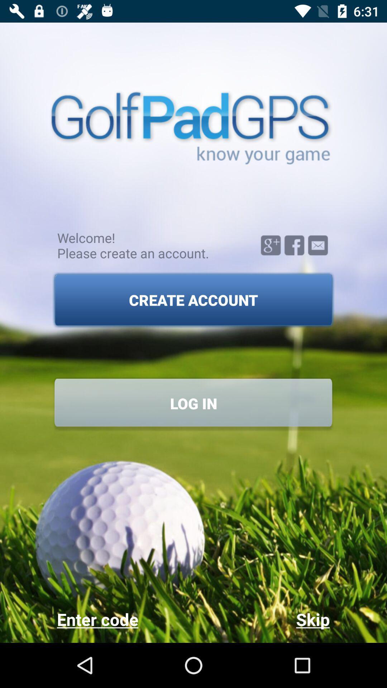 Image resolution: width=387 pixels, height=688 pixels. What do you see at coordinates (261, 619) in the screenshot?
I see `the item to the right of the enter code icon` at bounding box center [261, 619].